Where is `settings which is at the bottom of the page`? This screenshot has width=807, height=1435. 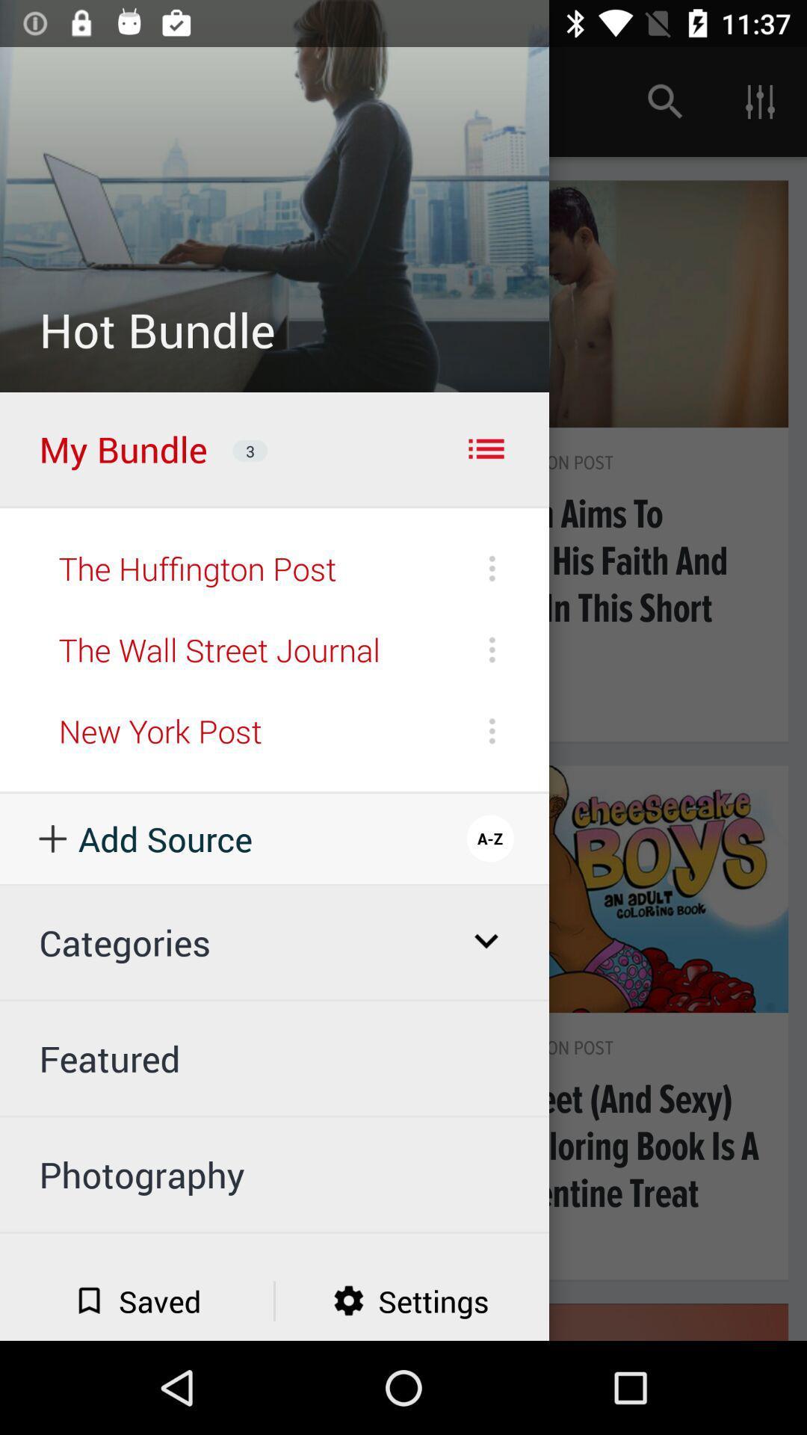
settings which is at the bottom of the page is located at coordinates (412, 1300).